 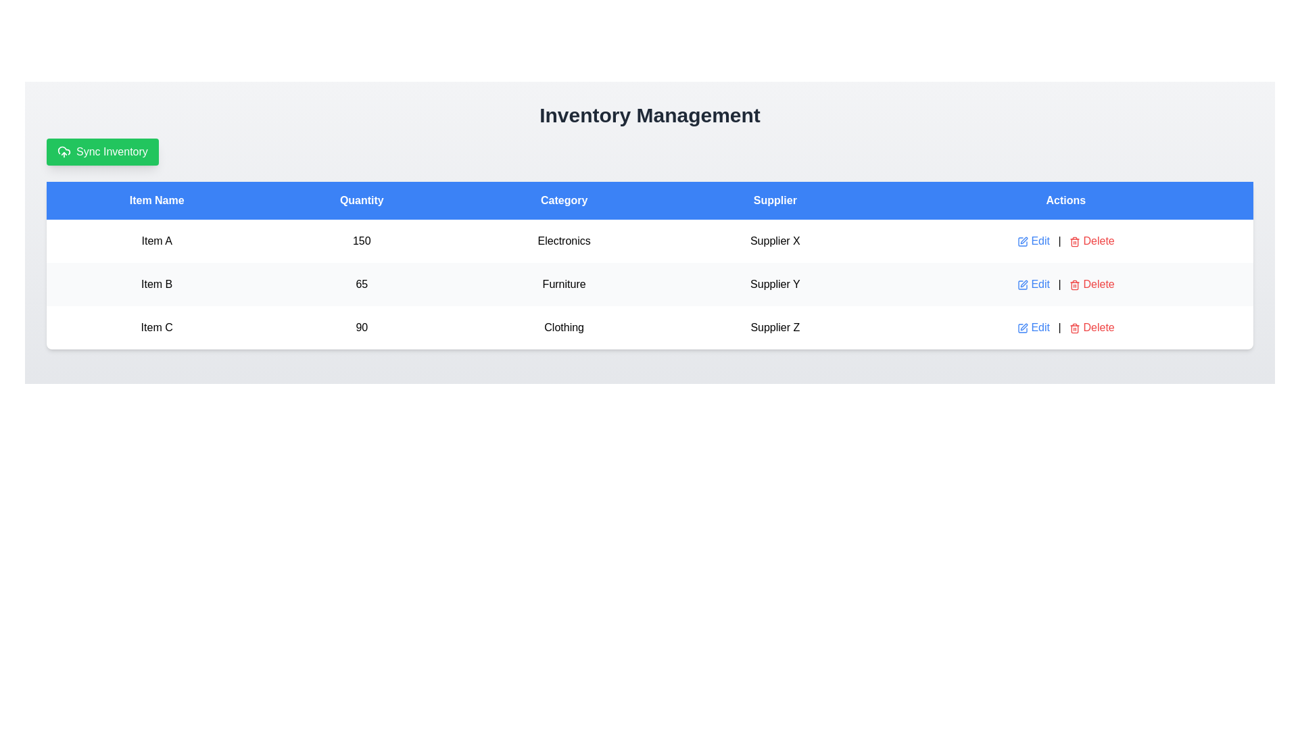 I want to click on the Text Display that shows the quantity value for 'Item B' in the second row of the table under the 'Quantity' column, so click(x=362, y=283).